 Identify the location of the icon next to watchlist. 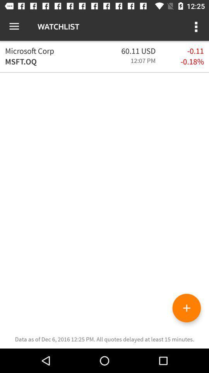
(14, 26).